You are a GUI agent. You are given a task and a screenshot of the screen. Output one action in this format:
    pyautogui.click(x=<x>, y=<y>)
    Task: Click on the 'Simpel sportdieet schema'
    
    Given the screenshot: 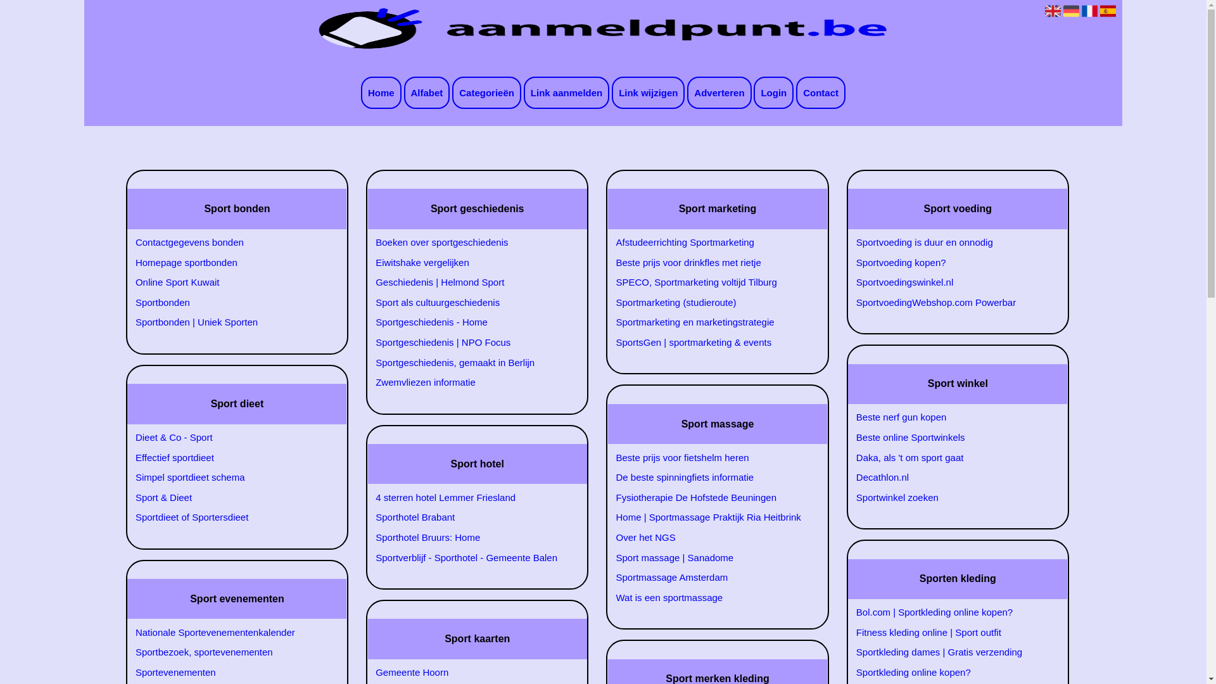 What is the action you would take?
    pyautogui.click(x=230, y=477)
    